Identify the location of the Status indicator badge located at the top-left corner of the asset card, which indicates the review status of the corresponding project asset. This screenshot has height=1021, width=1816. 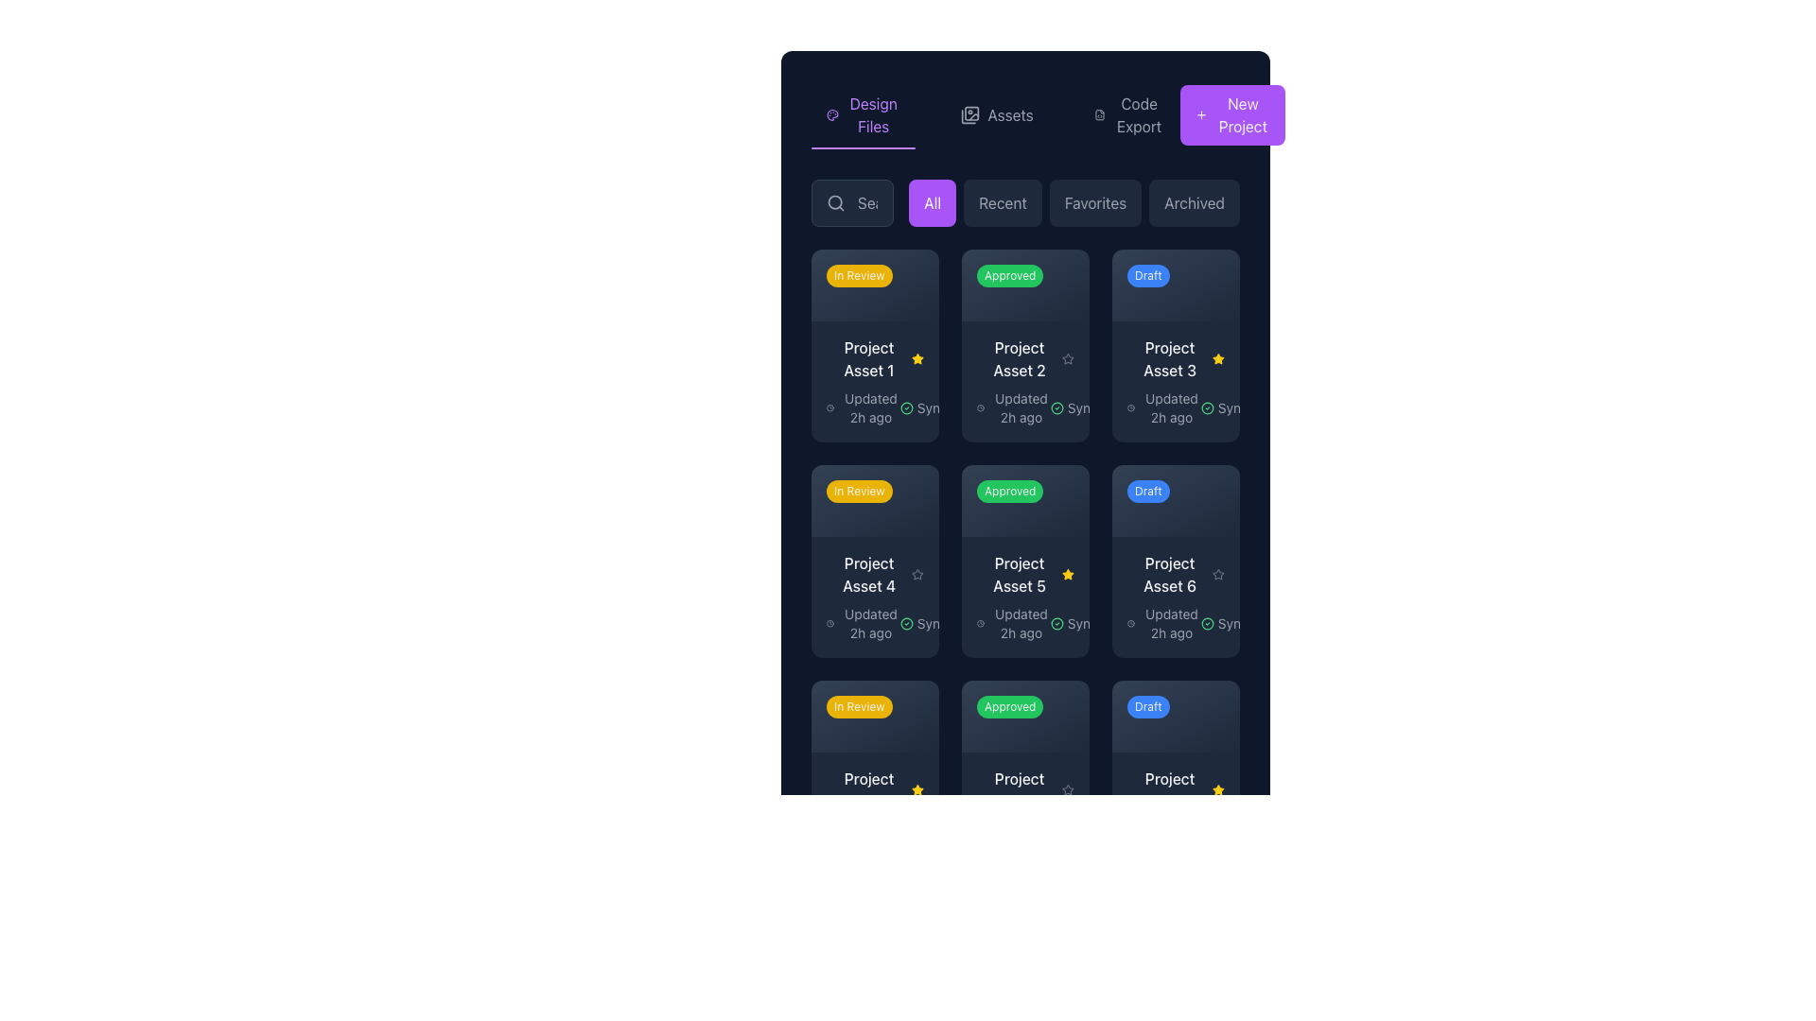
(858, 276).